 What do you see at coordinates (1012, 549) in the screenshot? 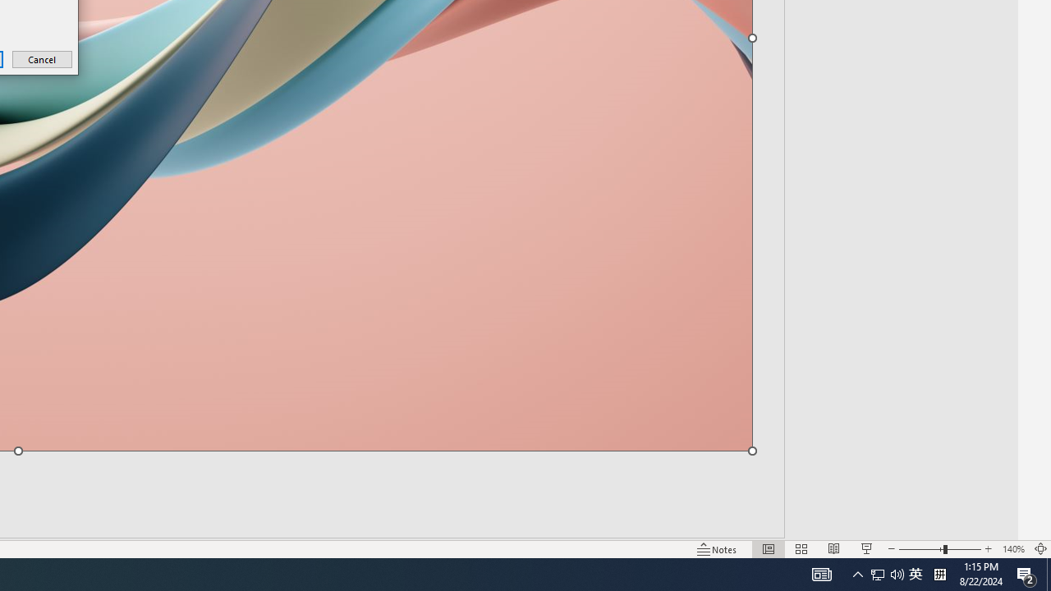
I see `'Zoom 140%'` at bounding box center [1012, 549].